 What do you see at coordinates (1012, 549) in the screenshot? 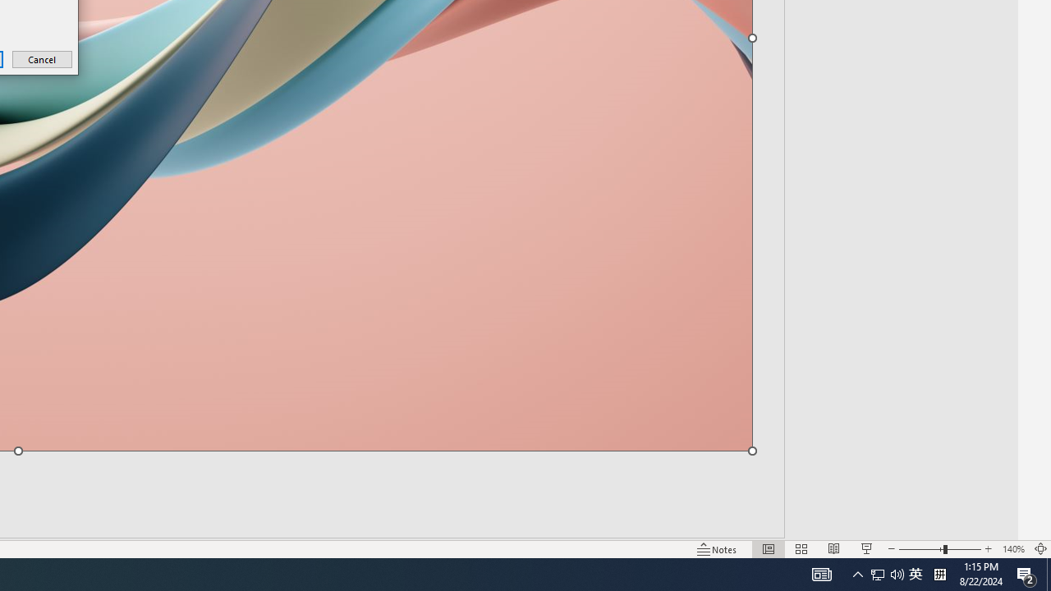
I see `'Zoom 140%'` at bounding box center [1012, 549].